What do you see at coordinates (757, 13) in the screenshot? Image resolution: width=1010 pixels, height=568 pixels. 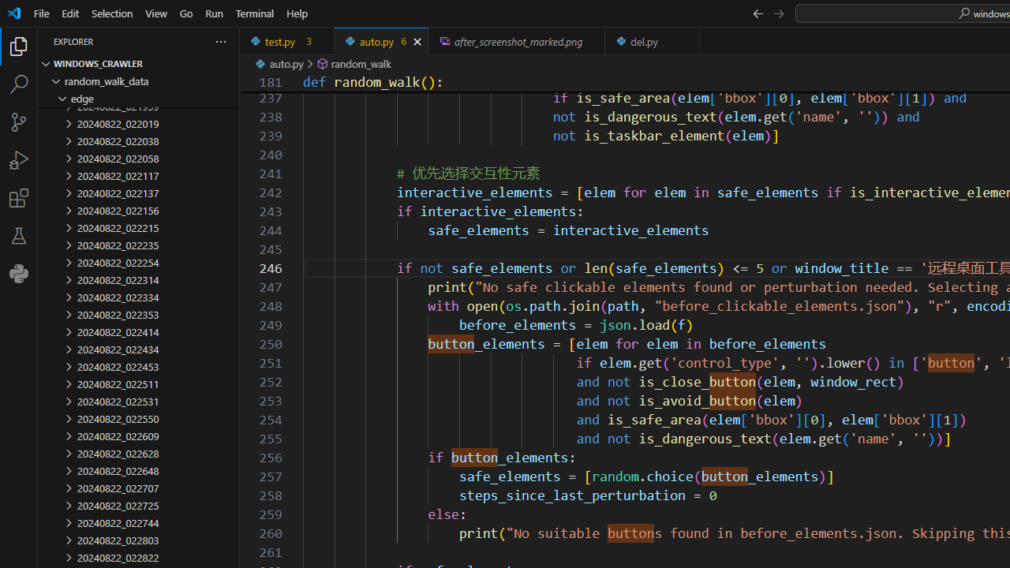 I see `'Go Back (Alt+LeftArrow)'` at bounding box center [757, 13].